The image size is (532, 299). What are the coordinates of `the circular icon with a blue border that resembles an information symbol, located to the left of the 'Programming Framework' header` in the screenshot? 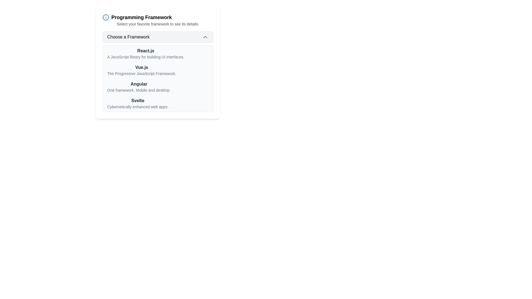 It's located at (106, 17).